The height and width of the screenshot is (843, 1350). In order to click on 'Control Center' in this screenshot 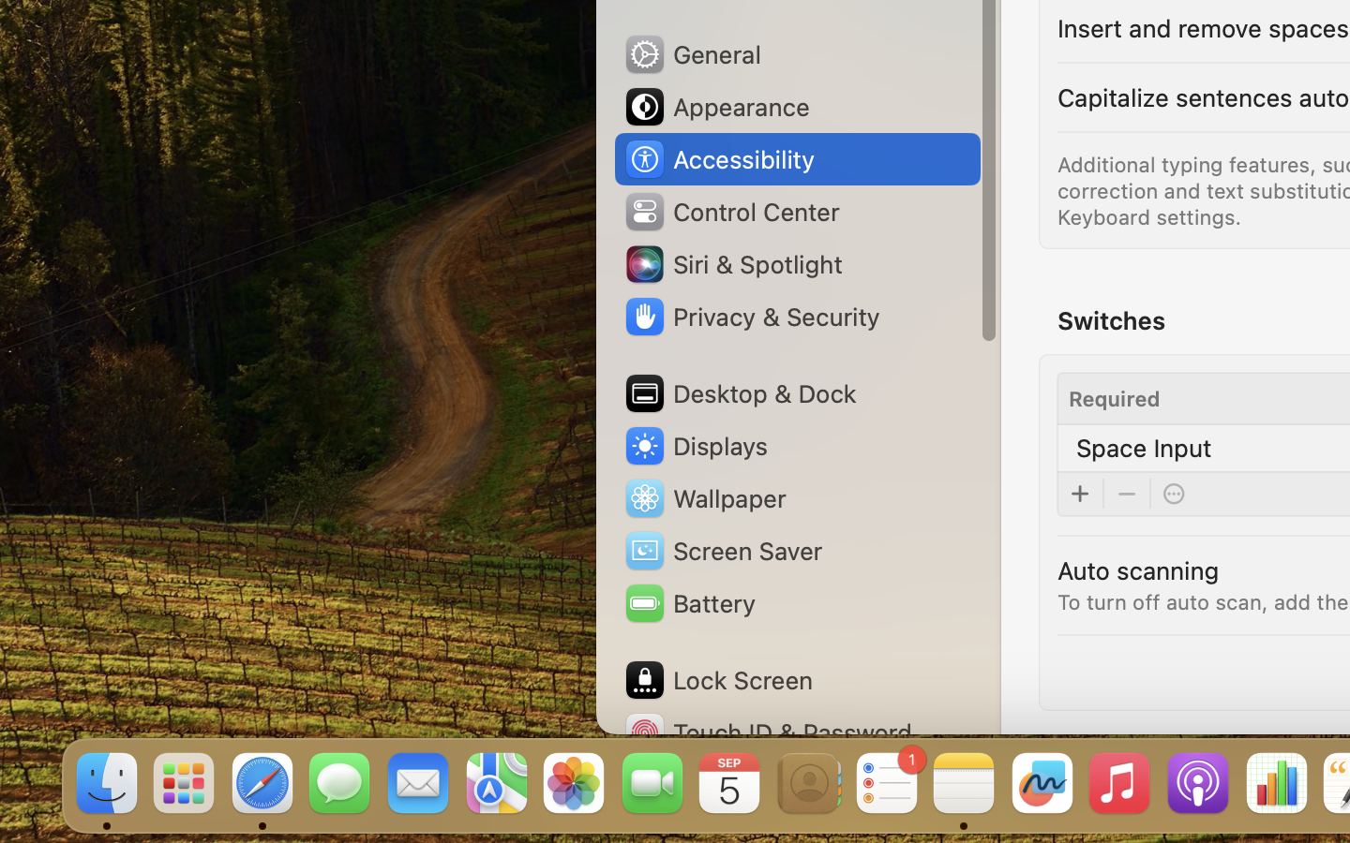, I will do `click(730, 211)`.